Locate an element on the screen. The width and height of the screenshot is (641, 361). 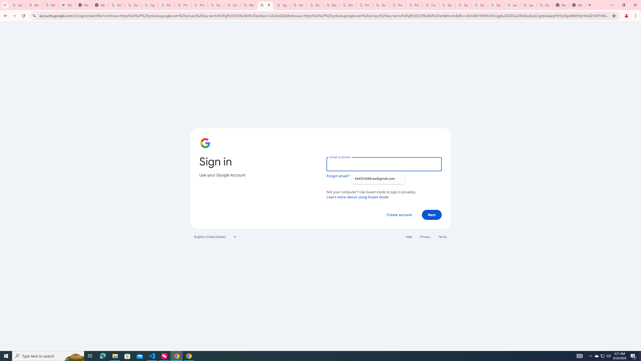
'Address and search bar' is located at coordinates (324, 15).